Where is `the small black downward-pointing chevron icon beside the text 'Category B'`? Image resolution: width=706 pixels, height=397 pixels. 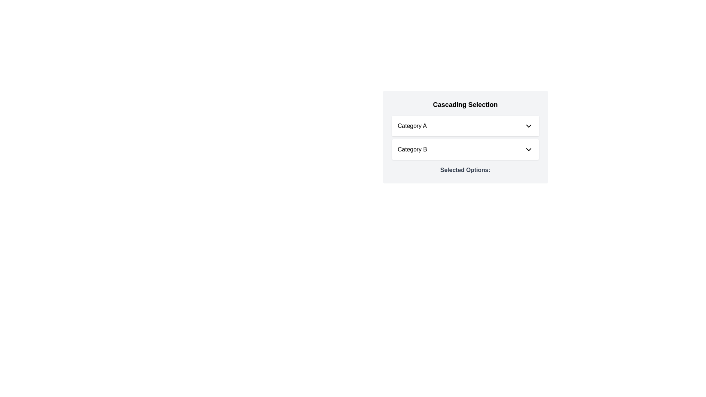 the small black downward-pointing chevron icon beside the text 'Category B' is located at coordinates (528, 149).